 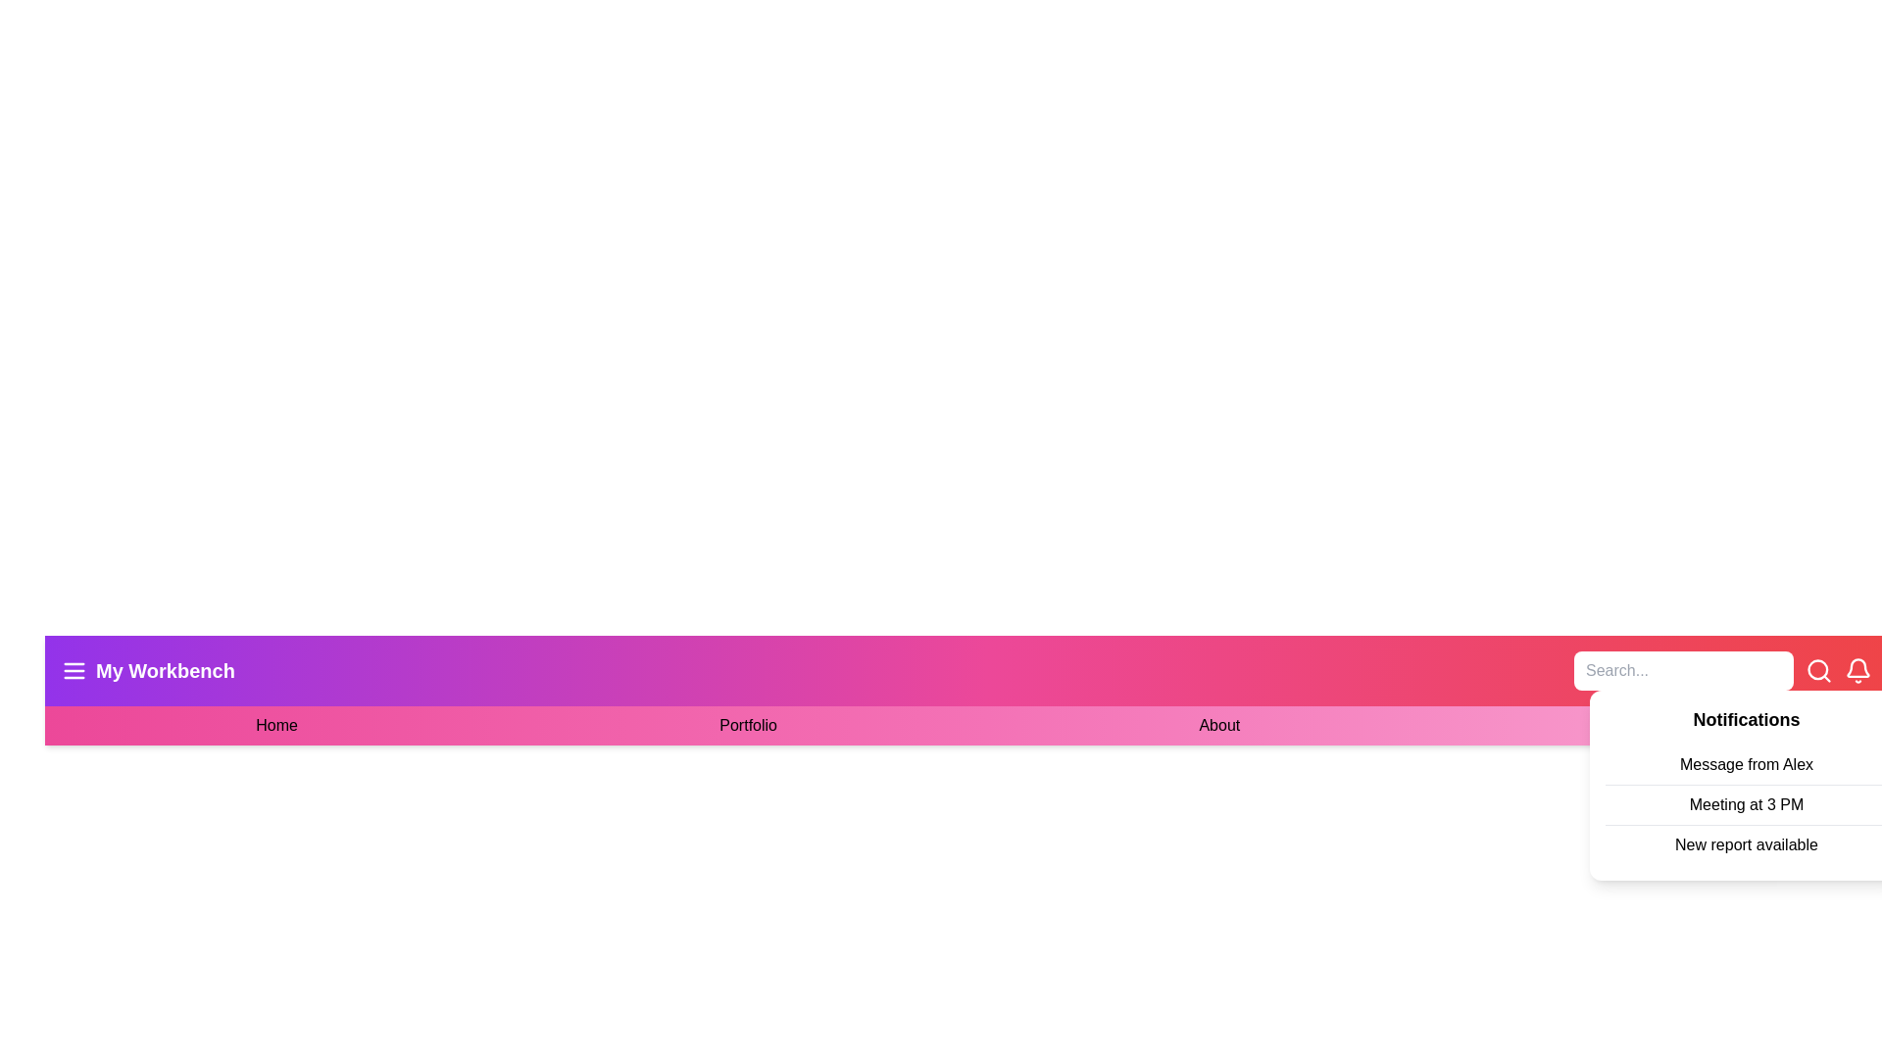 What do you see at coordinates (74, 670) in the screenshot?
I see `the compact menu icon resembling a hamburger menu, which is styled in white color and located within a square of purple background` at bounding box center [74, 670].